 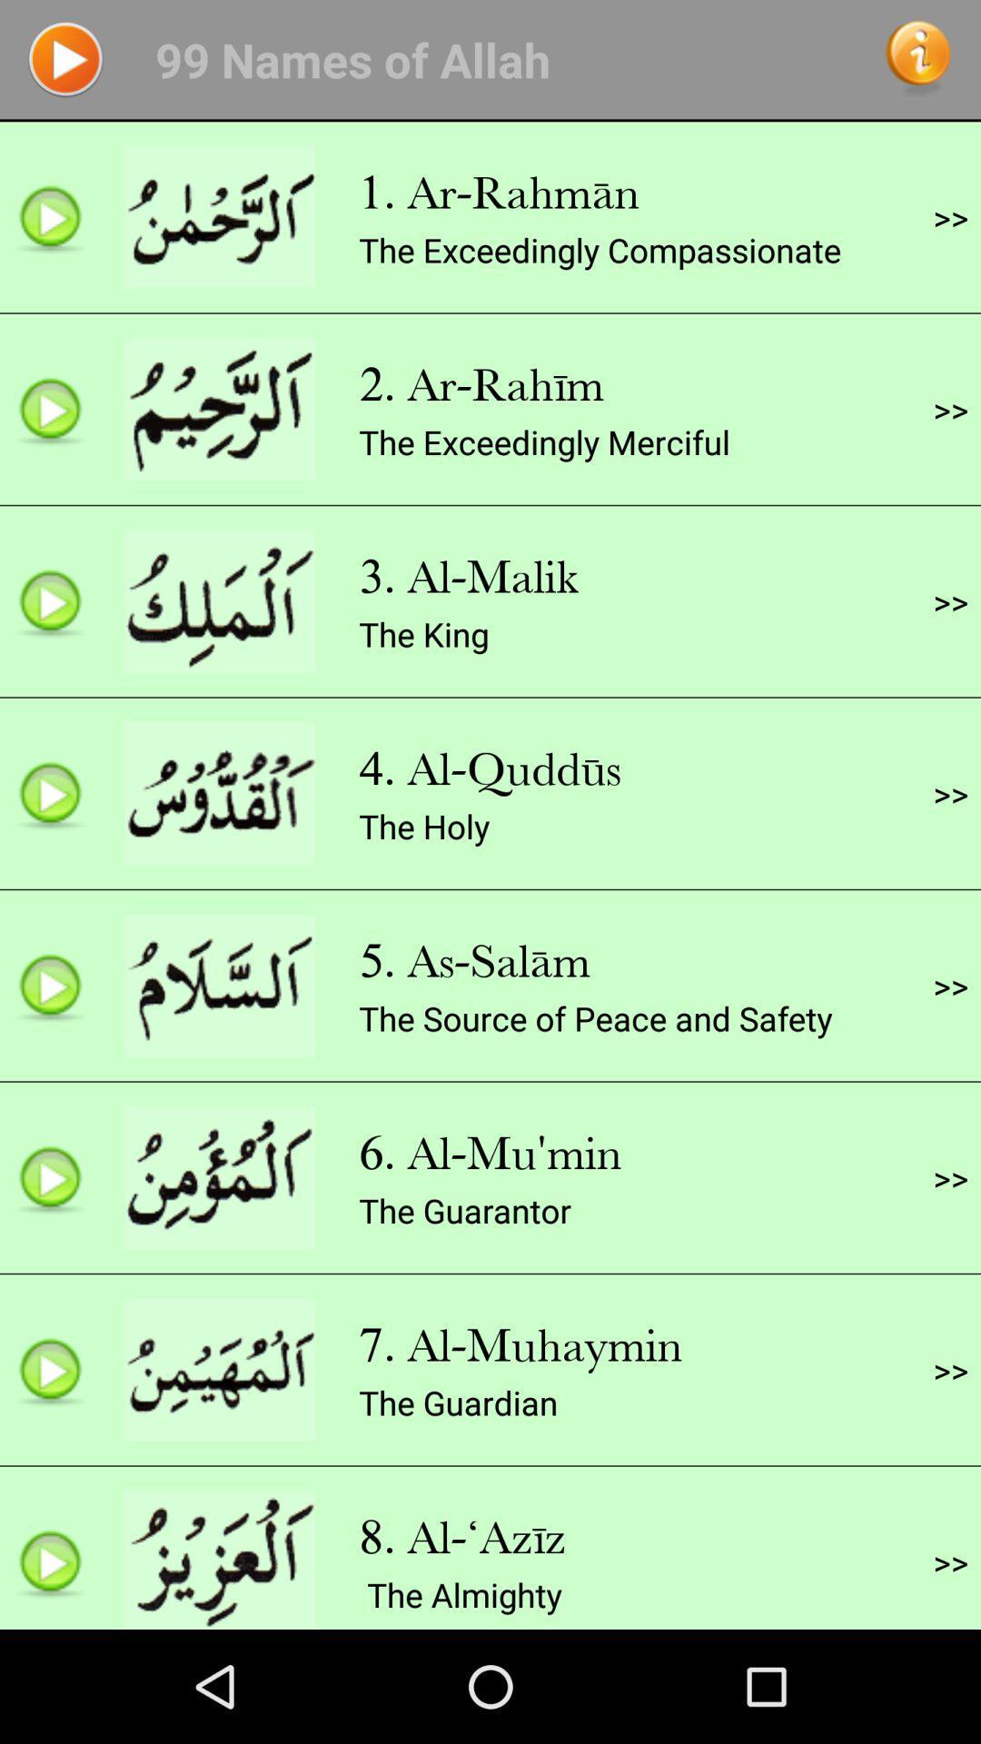 What do you see at coordinates (949, 601) in the screenshot?
I see `the item above the >> icon` at bounding box center [949, 601].